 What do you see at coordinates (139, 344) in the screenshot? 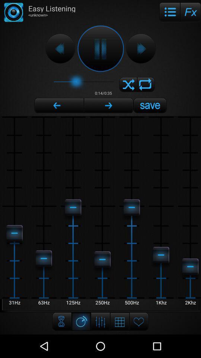
I see `the favorite icon` at bounding box center [139, 344].